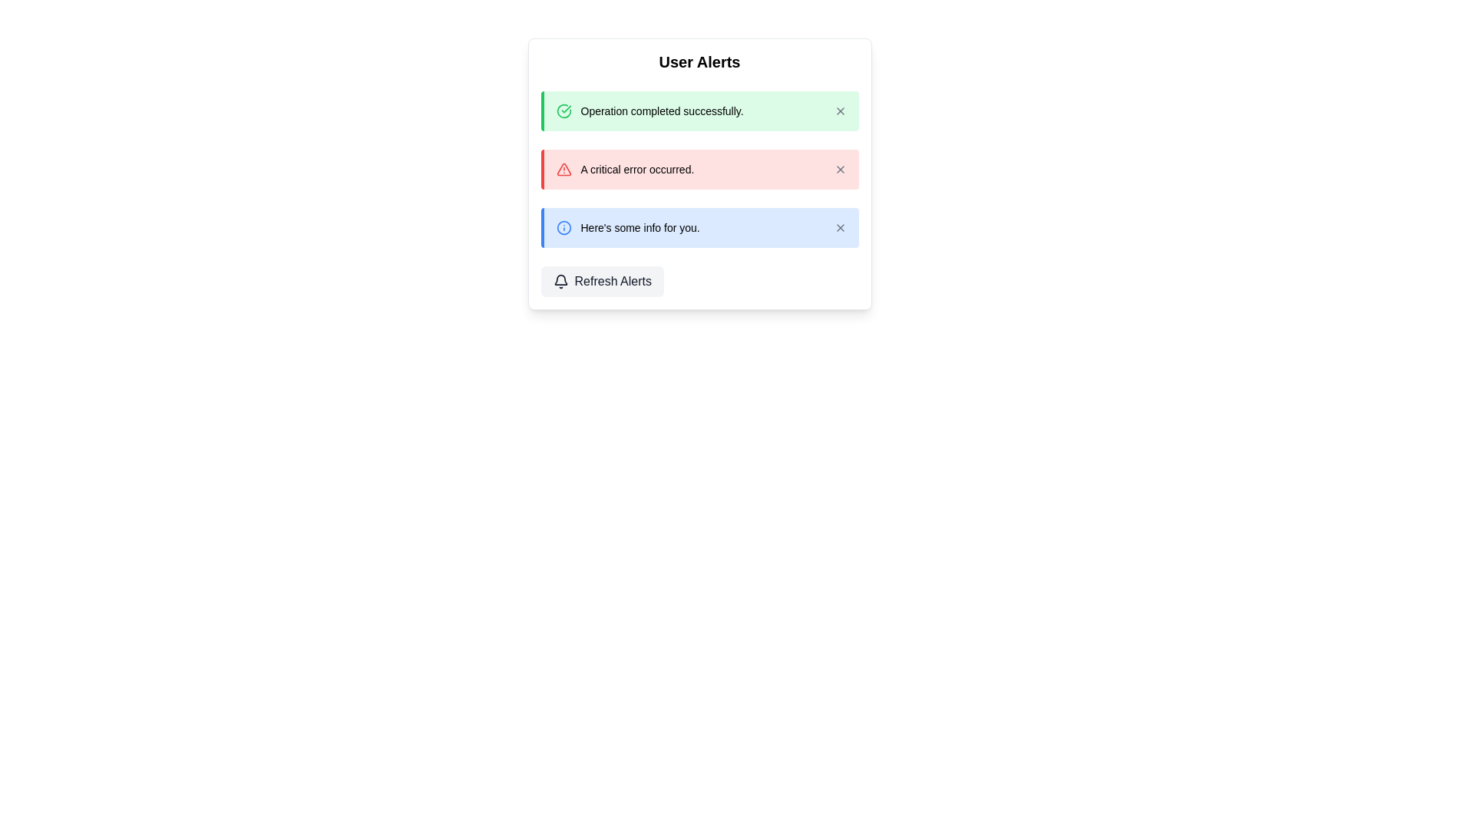 This screenshot has height=829, width=1474. I want to click on the small blue circular Informational icon with an information symbol, located at the beginning of the notification card that says 'Here's some info for you.', so click(563, 228).